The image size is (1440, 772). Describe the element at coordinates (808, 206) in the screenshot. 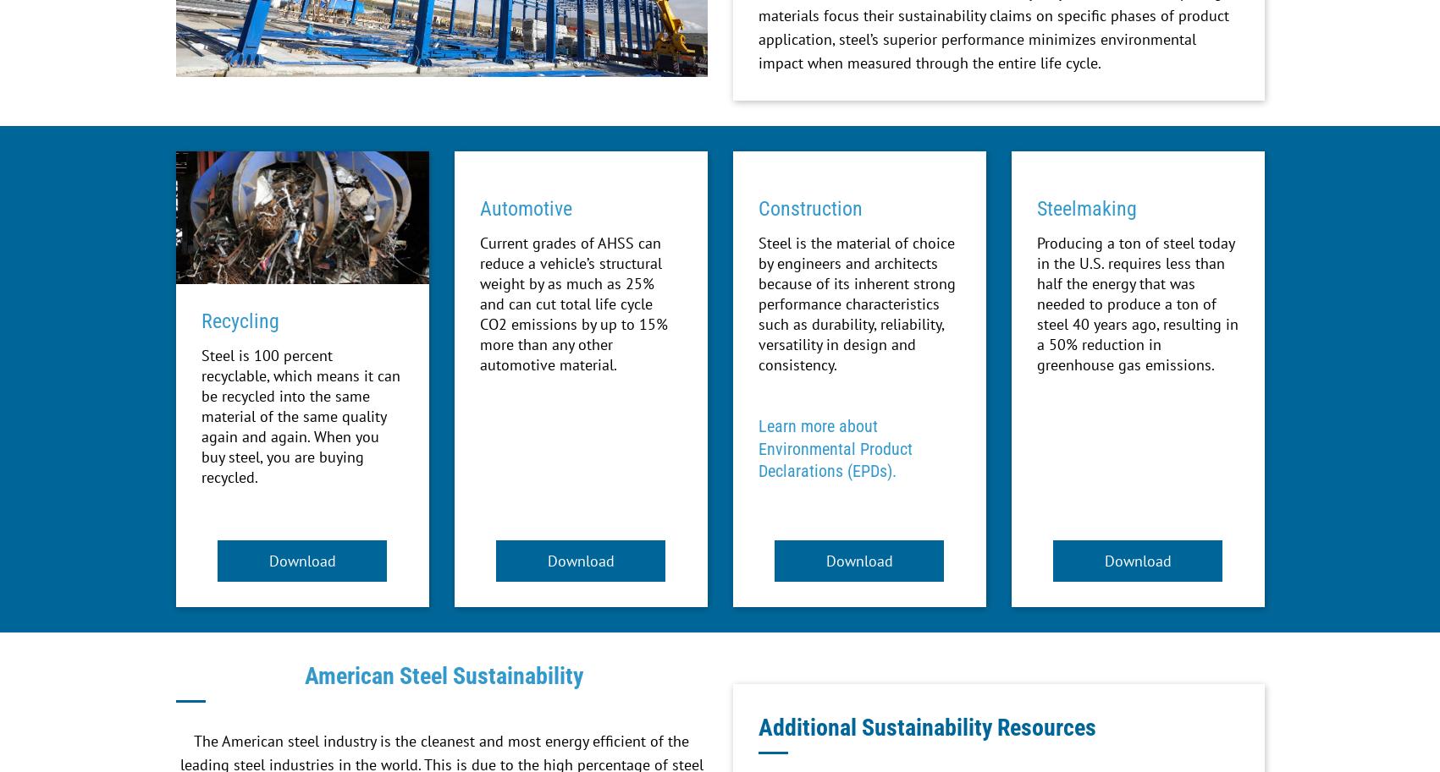

I see `'Construction'` at that location.